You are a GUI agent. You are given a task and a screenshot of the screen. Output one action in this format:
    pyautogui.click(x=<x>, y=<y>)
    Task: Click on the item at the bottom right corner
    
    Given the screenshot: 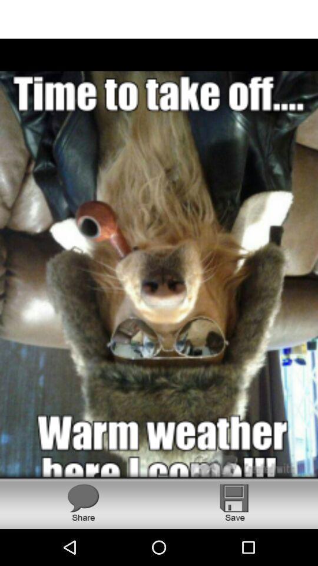 What is the action you would take?
    pyautogui.click(x=234, y=502)
    